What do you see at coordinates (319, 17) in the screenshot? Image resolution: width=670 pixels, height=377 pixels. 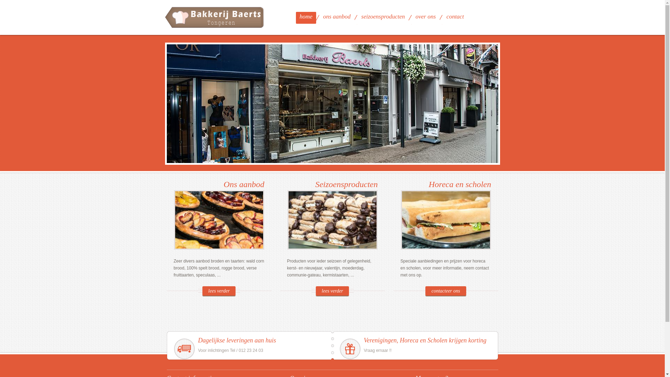 I see `'ons aanbod'` at bounding box center [319, 17].